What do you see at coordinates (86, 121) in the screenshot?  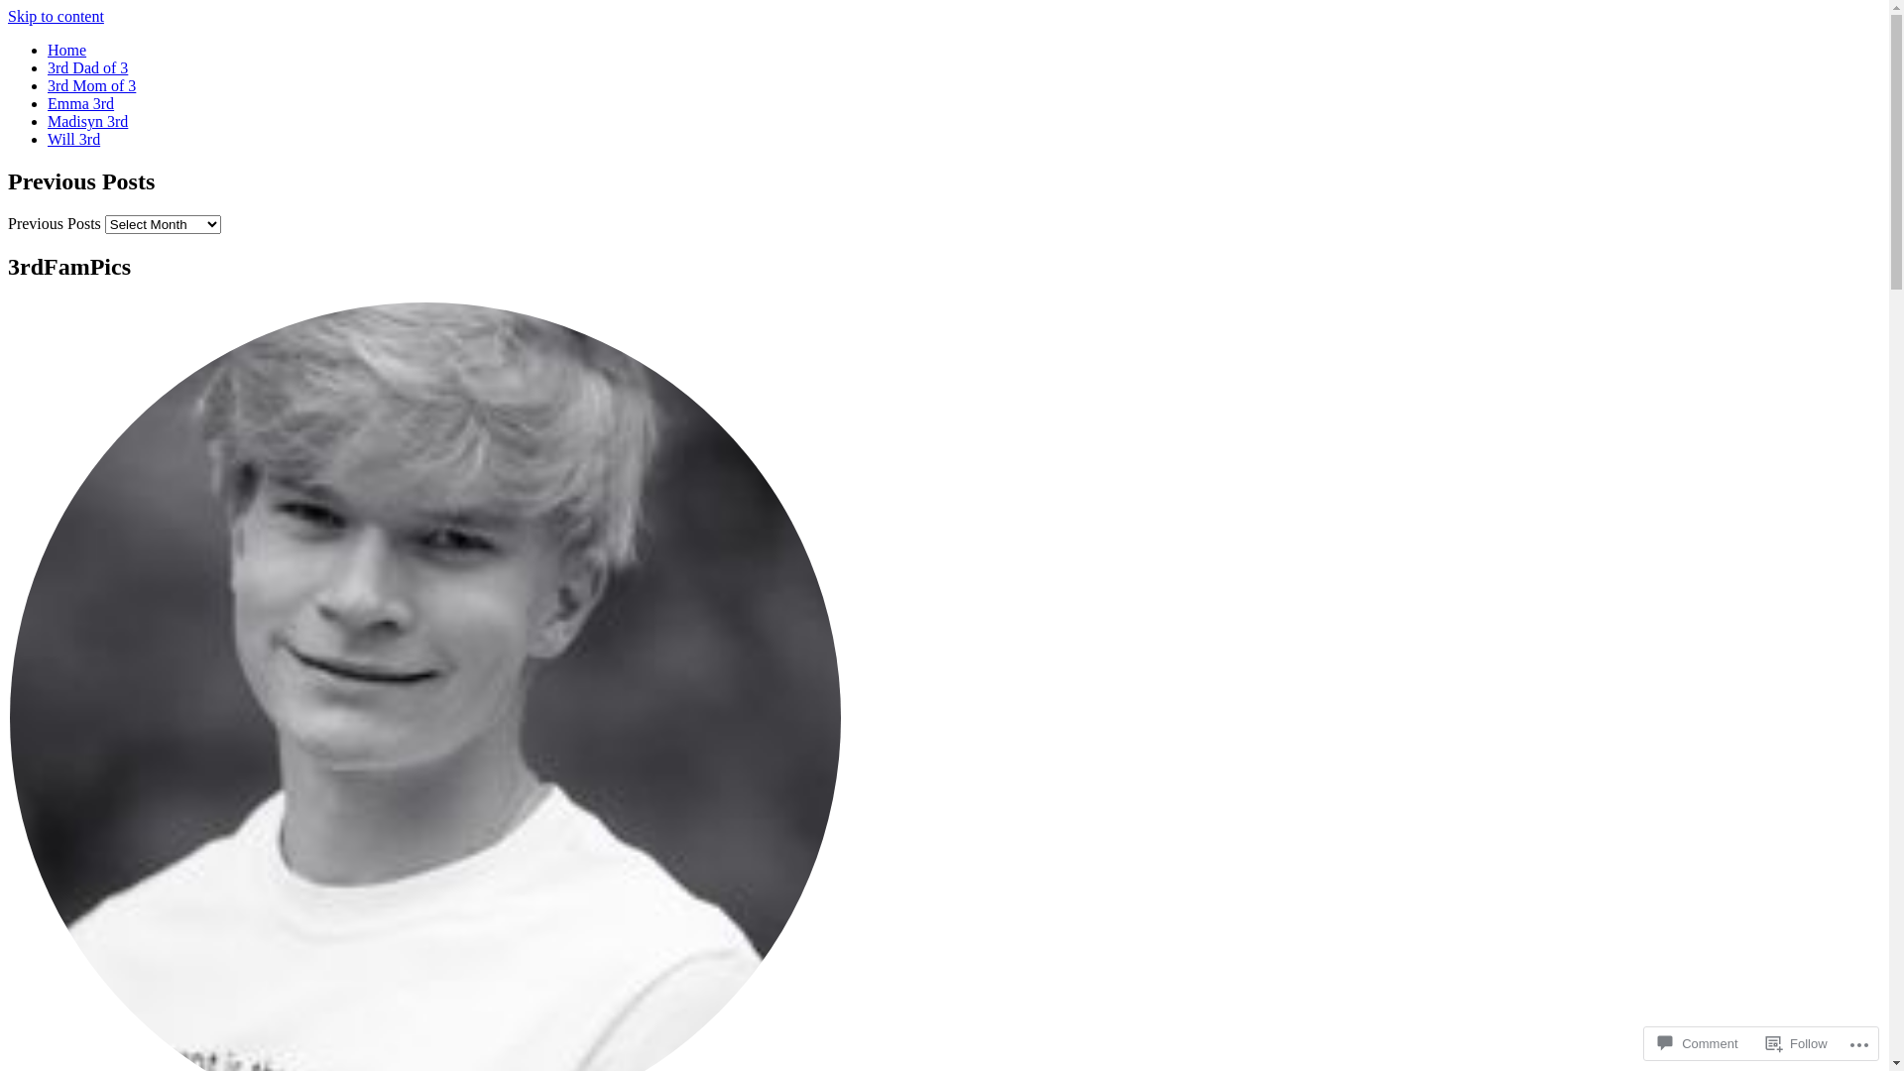 I see `'Madisyn 3rd'` at bounding box center [86, 121].